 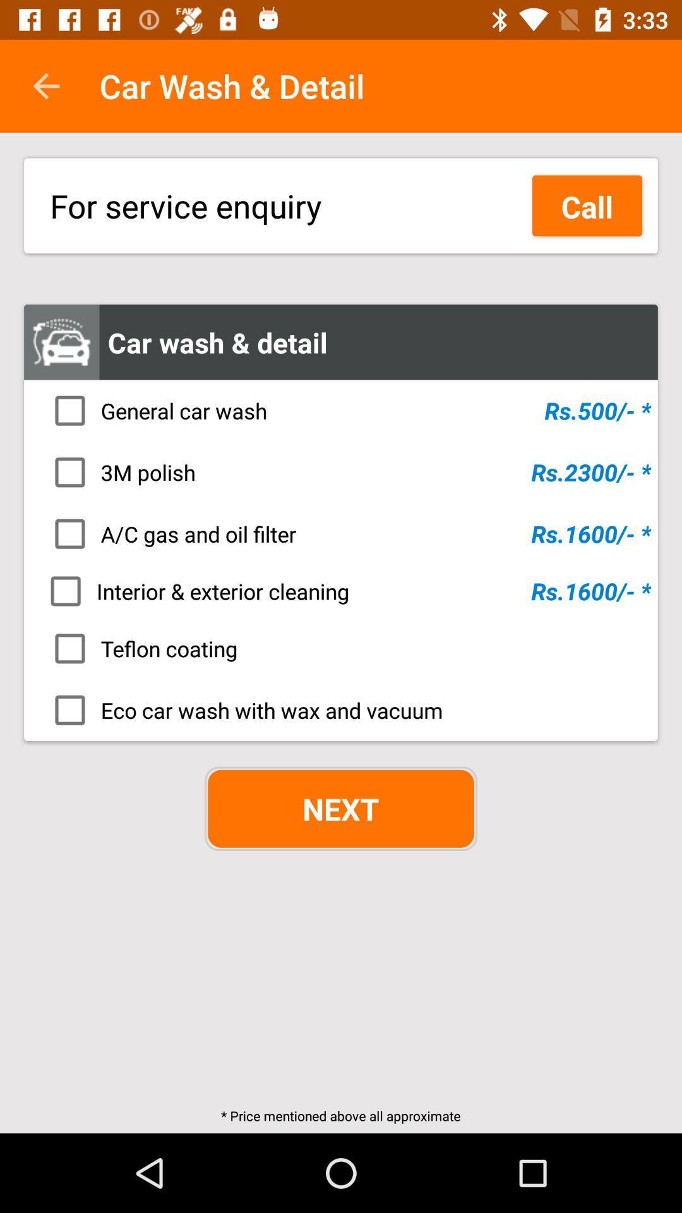 I want to click on icon above a c gas icon, so click(x=345, y=471).